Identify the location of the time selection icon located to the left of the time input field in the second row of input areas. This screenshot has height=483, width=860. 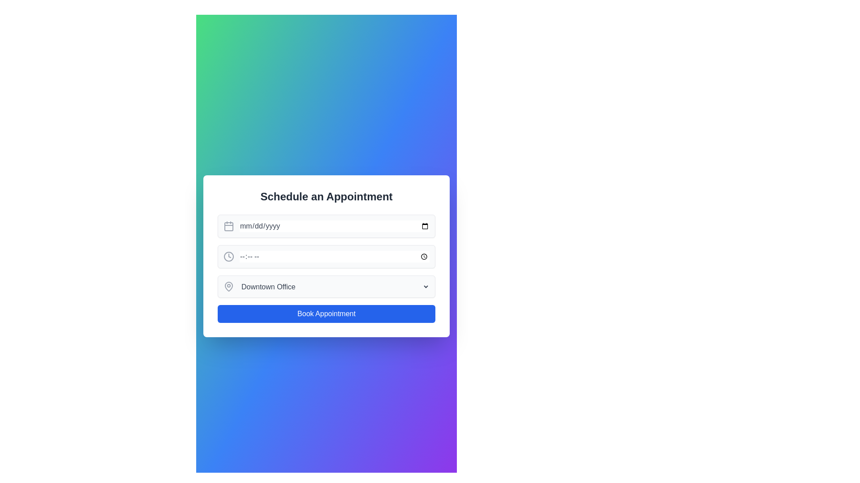
(228, 257).